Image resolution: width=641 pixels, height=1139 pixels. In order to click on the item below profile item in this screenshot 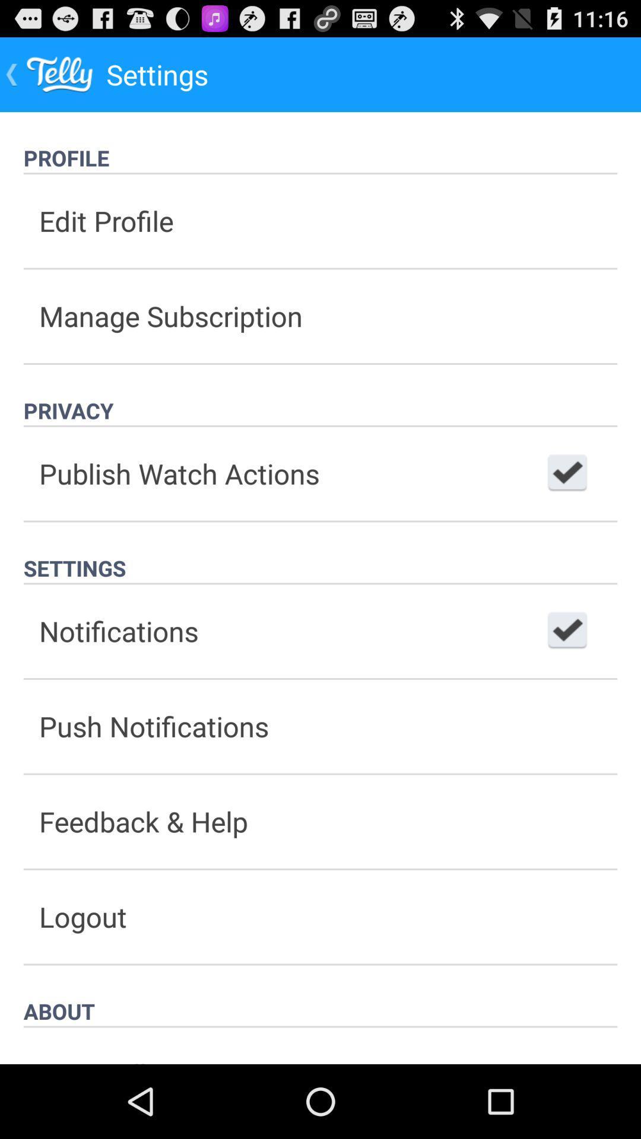, I will do `click(320, 221)`.